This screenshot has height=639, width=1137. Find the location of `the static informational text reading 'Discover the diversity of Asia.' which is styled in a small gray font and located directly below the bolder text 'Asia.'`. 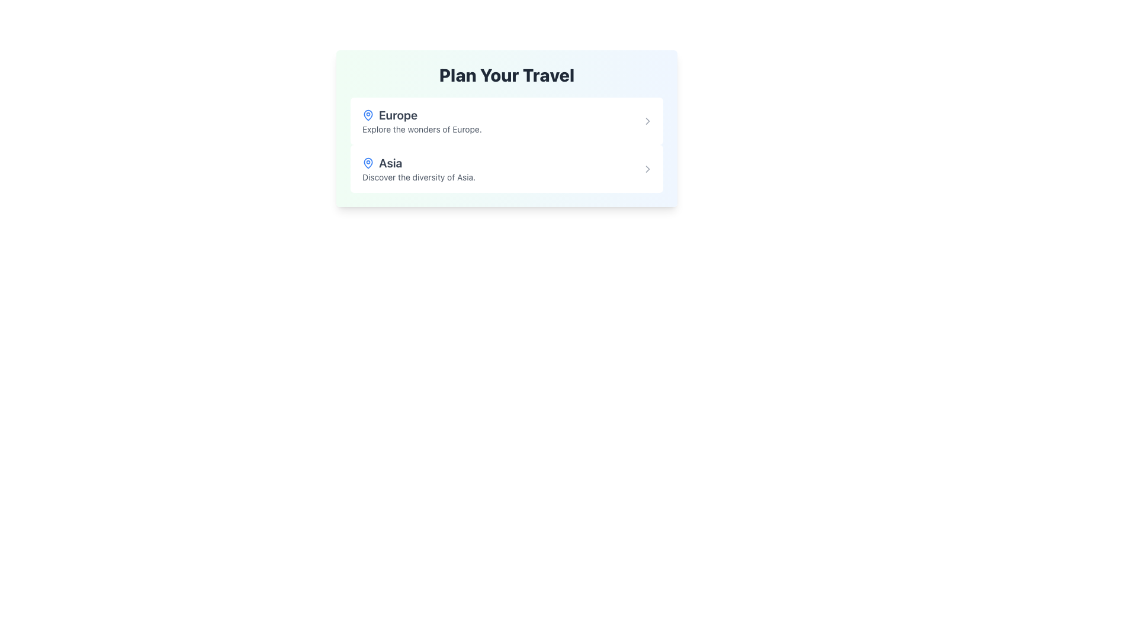

the static informational text reading 'Discover the diversity of Asia.' which is styled in a small gray font and located directly below the bolder text 'Asia.' is located at coordinates (419, 177).